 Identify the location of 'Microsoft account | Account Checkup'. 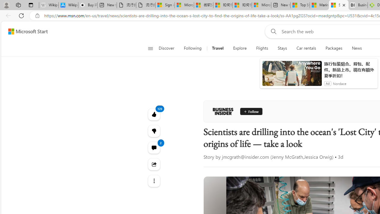
(261, 5).